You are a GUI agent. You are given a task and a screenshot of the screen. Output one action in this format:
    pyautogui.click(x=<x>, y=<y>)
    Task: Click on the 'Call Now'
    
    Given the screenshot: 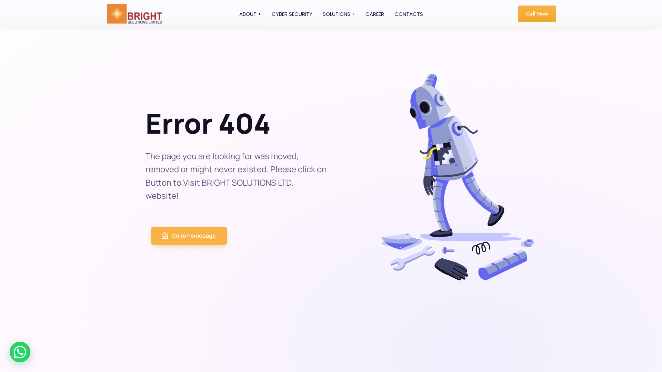 What is the action you would take?
    pyautogui.click(x=536, y=13)
    